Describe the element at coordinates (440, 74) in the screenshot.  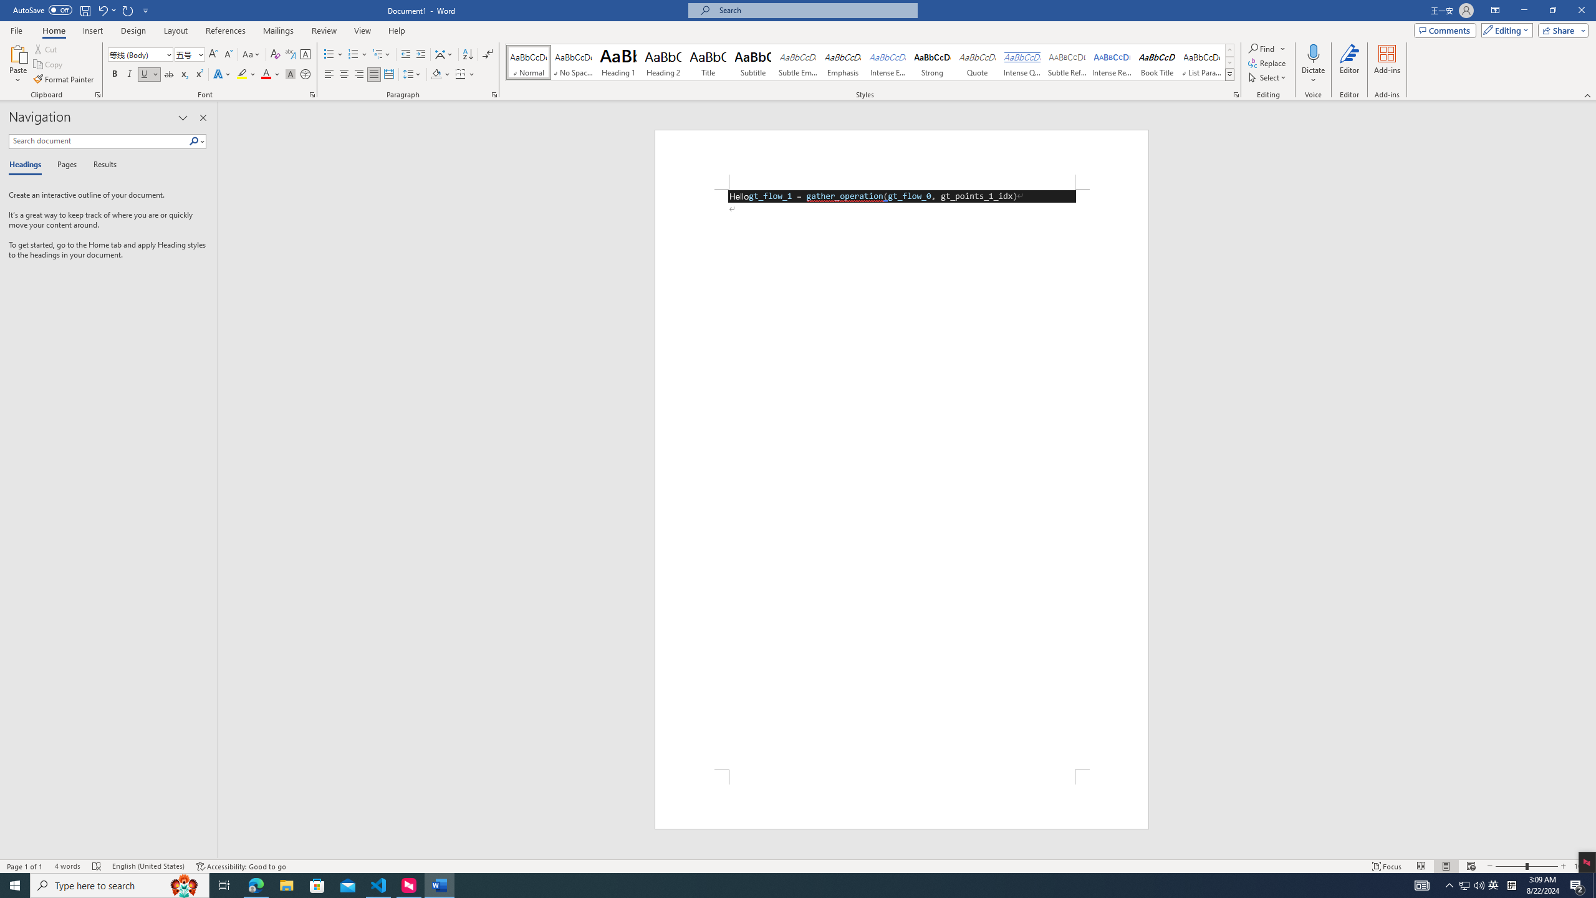
I see `'Shading'` at that location.